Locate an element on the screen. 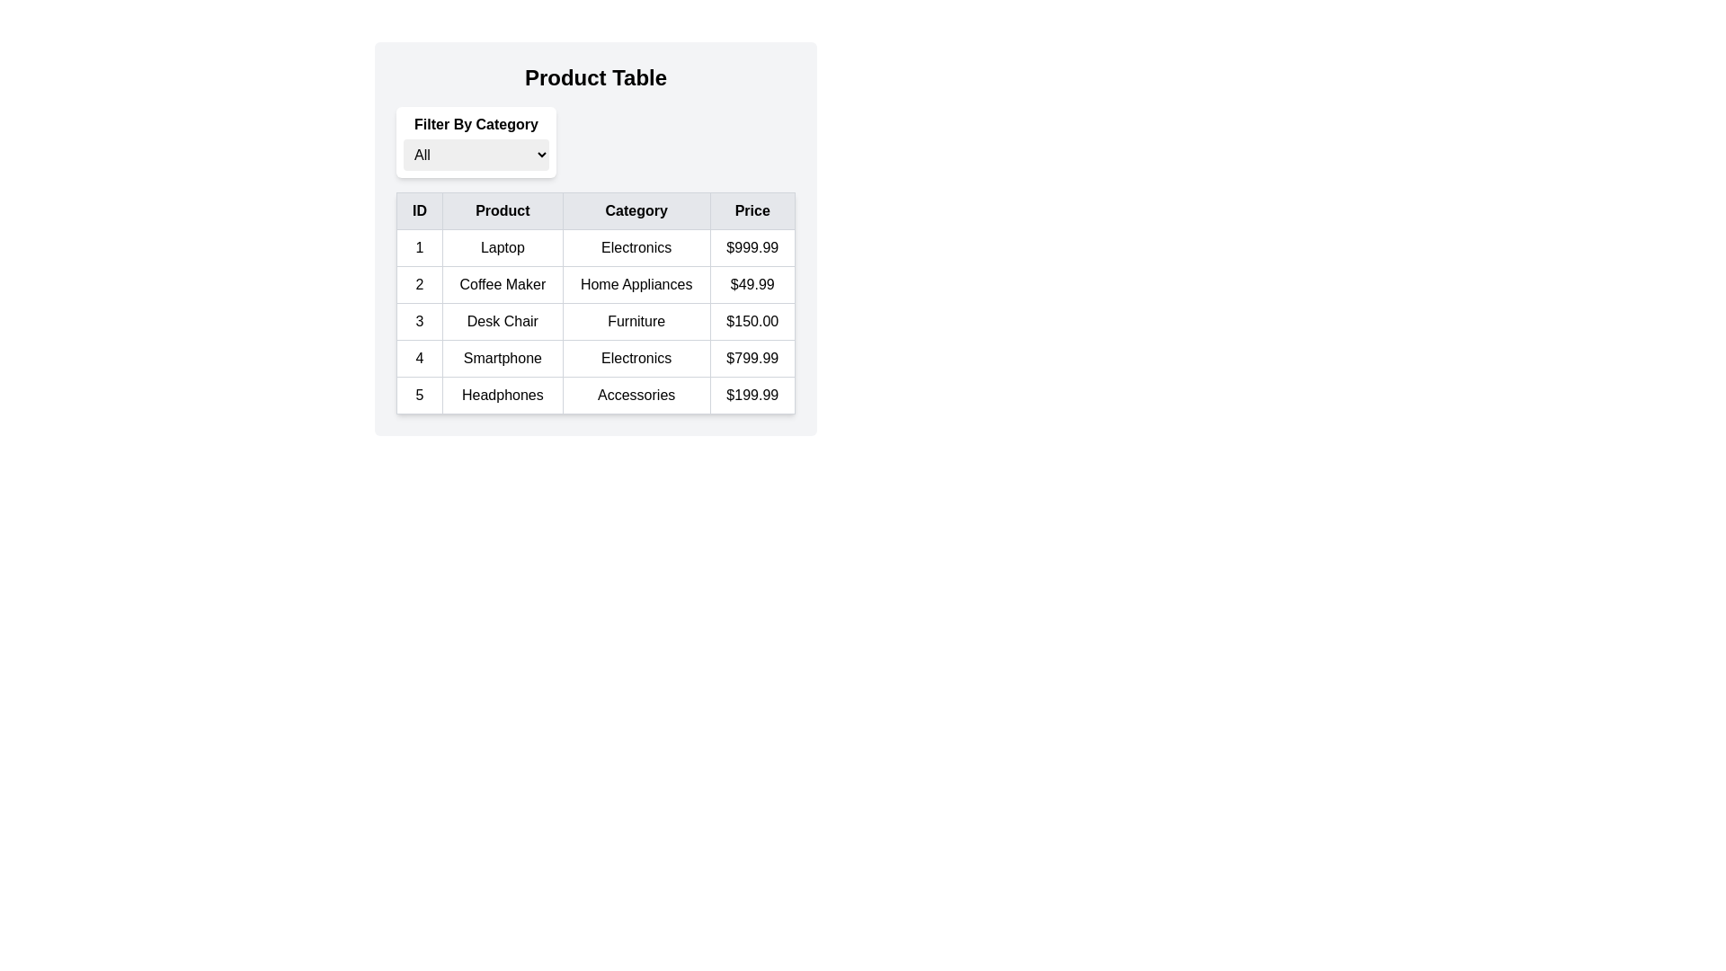 Image resolution: width=1726 pixels, height=971 pixels. the text display field showing 'Headphones' in the second column of the fifth row of the product table is located at coordinates (503, 394).